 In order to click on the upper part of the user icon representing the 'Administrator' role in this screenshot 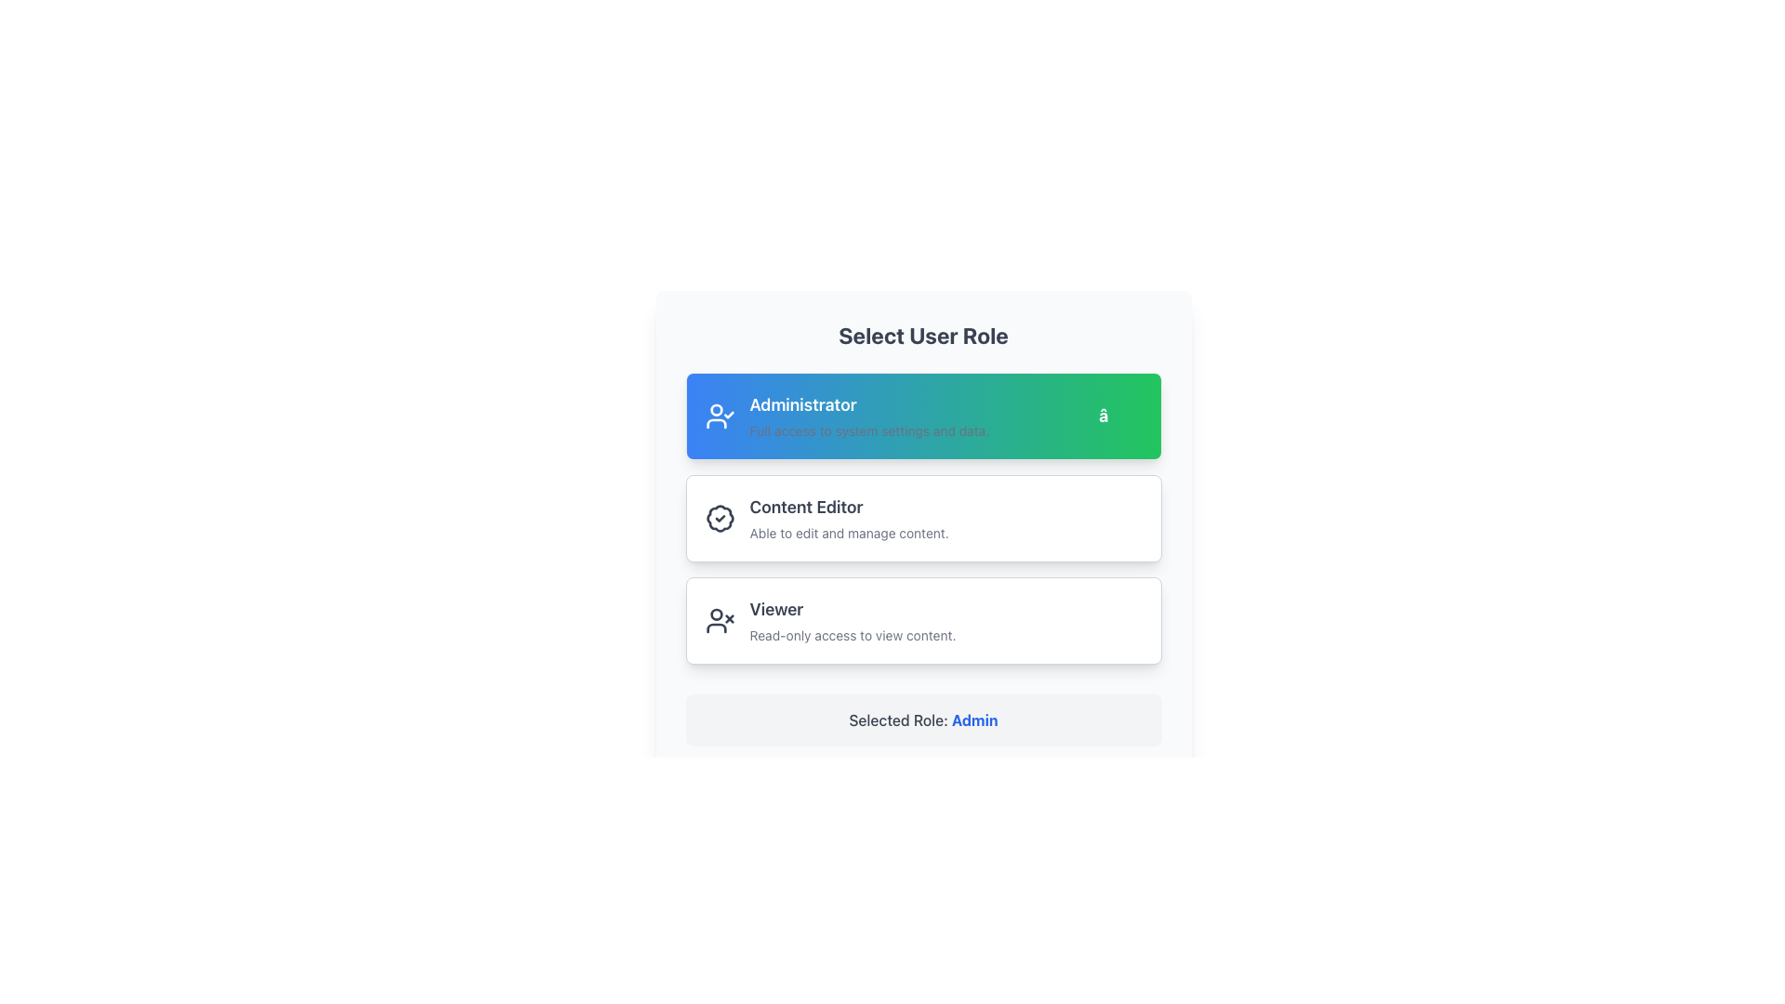, I will do `click(715, 409)`.